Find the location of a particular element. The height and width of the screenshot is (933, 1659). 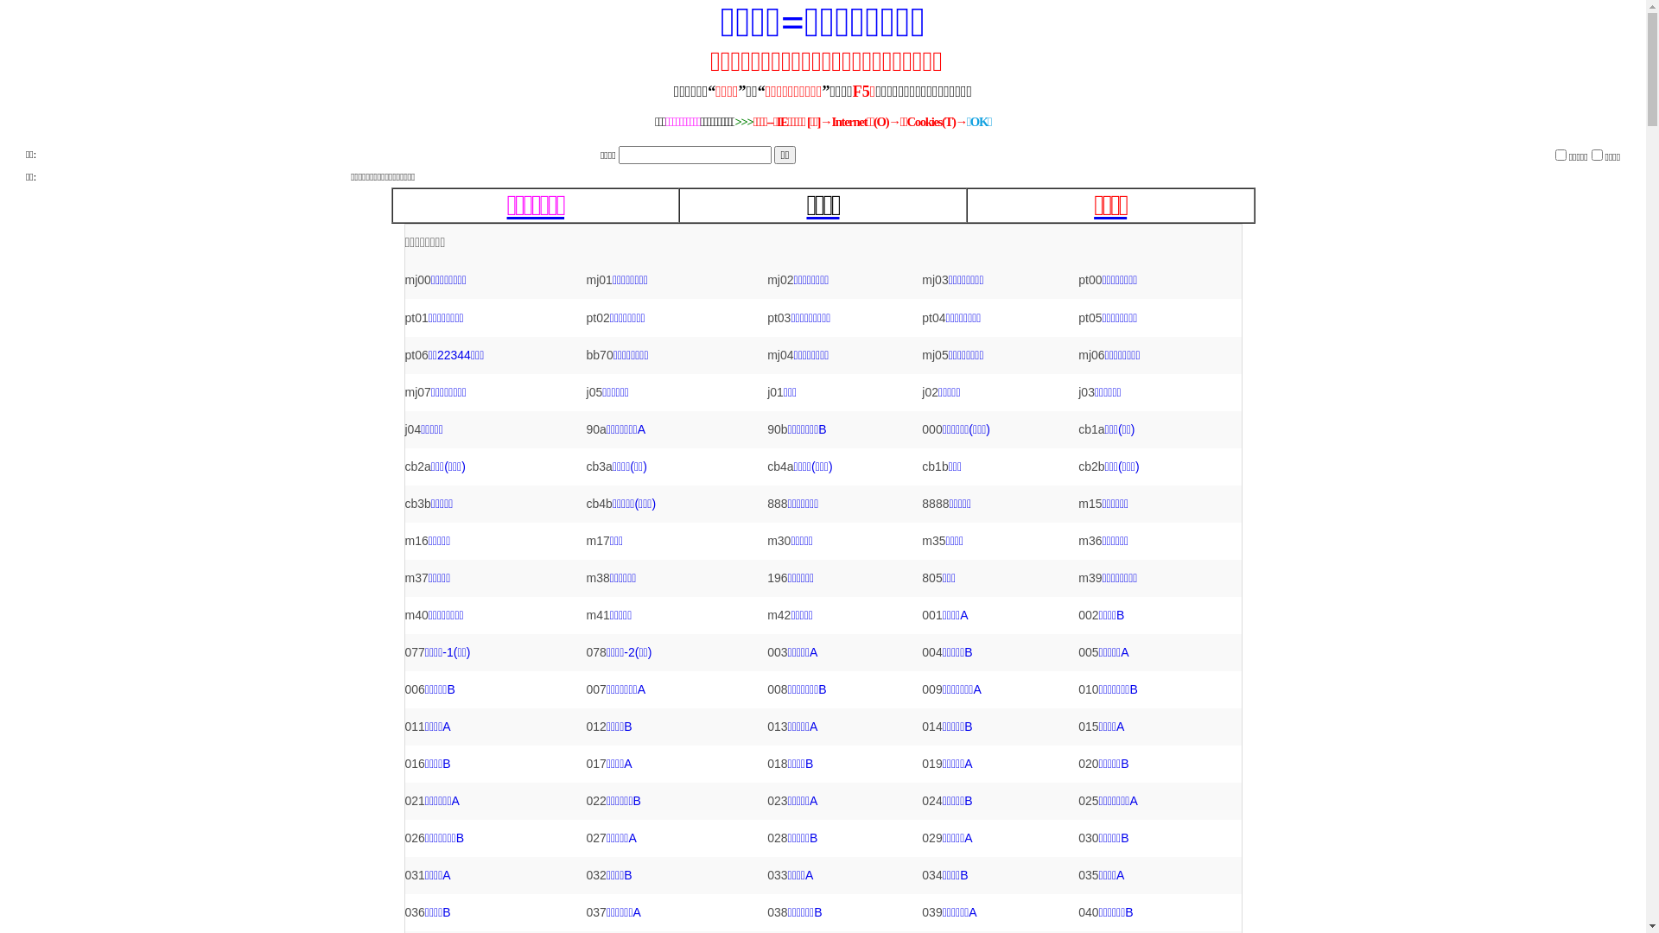

'024' is located at coordinates (920, 800).